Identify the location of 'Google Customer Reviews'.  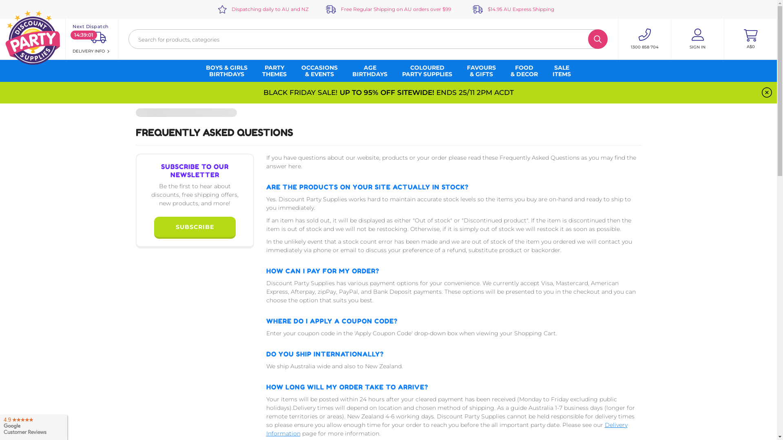
(33, 425).